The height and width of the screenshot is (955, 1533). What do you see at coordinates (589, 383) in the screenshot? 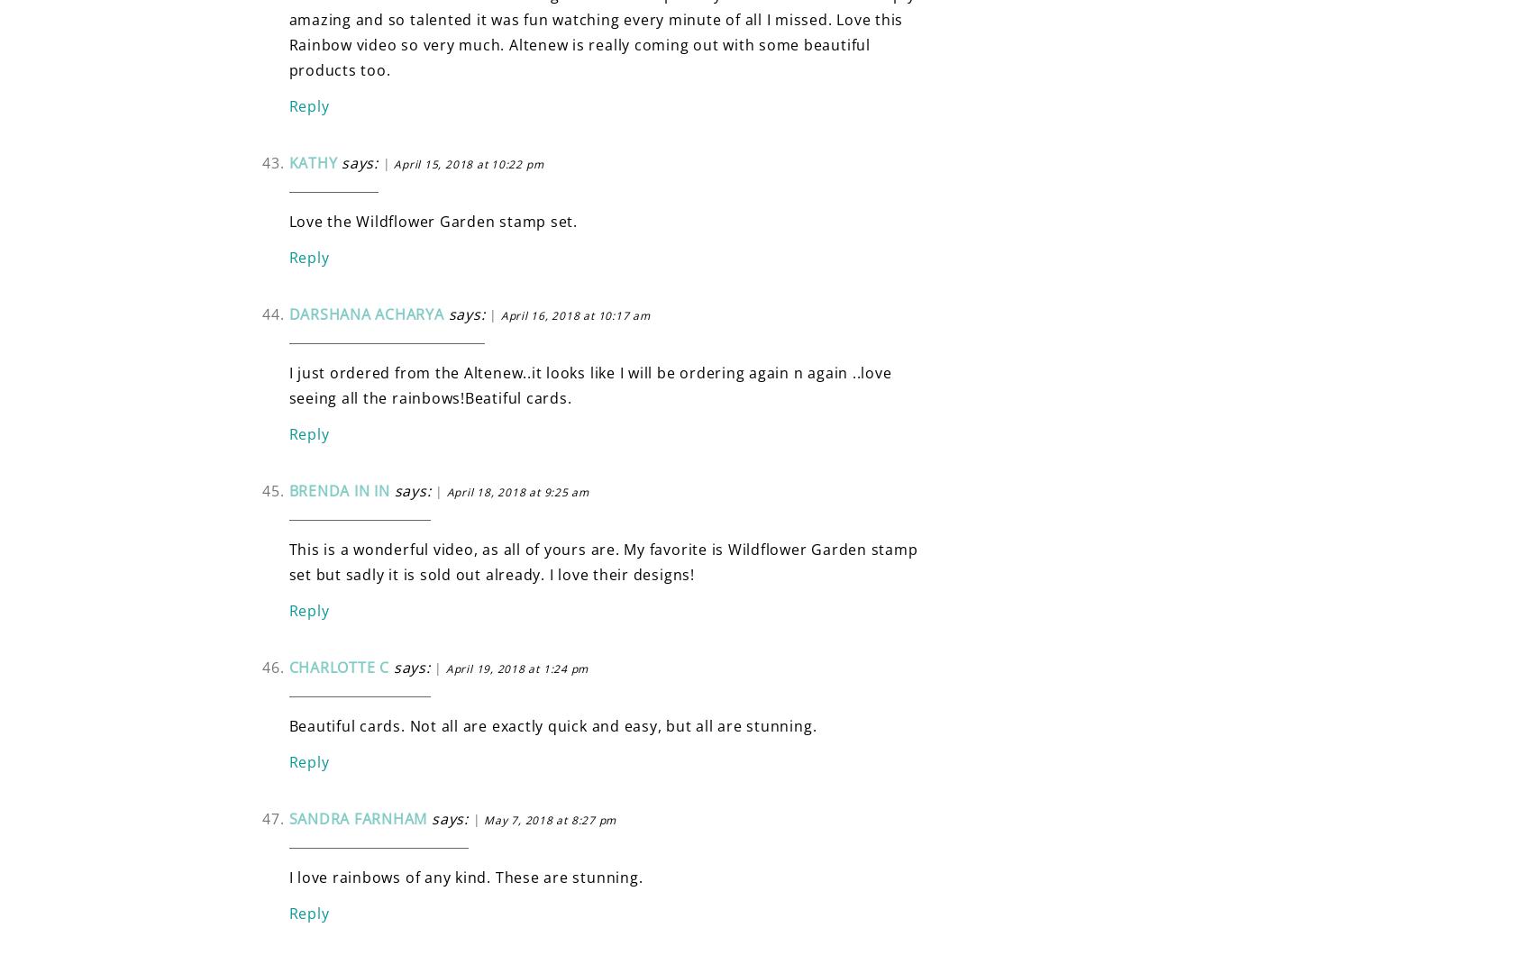
I see `'I just ordered from the Altenew..it looks like I will be ordering again n again ..love seeing all the rainbows!Beatiful cards.'` at bounding box center [589, 383].